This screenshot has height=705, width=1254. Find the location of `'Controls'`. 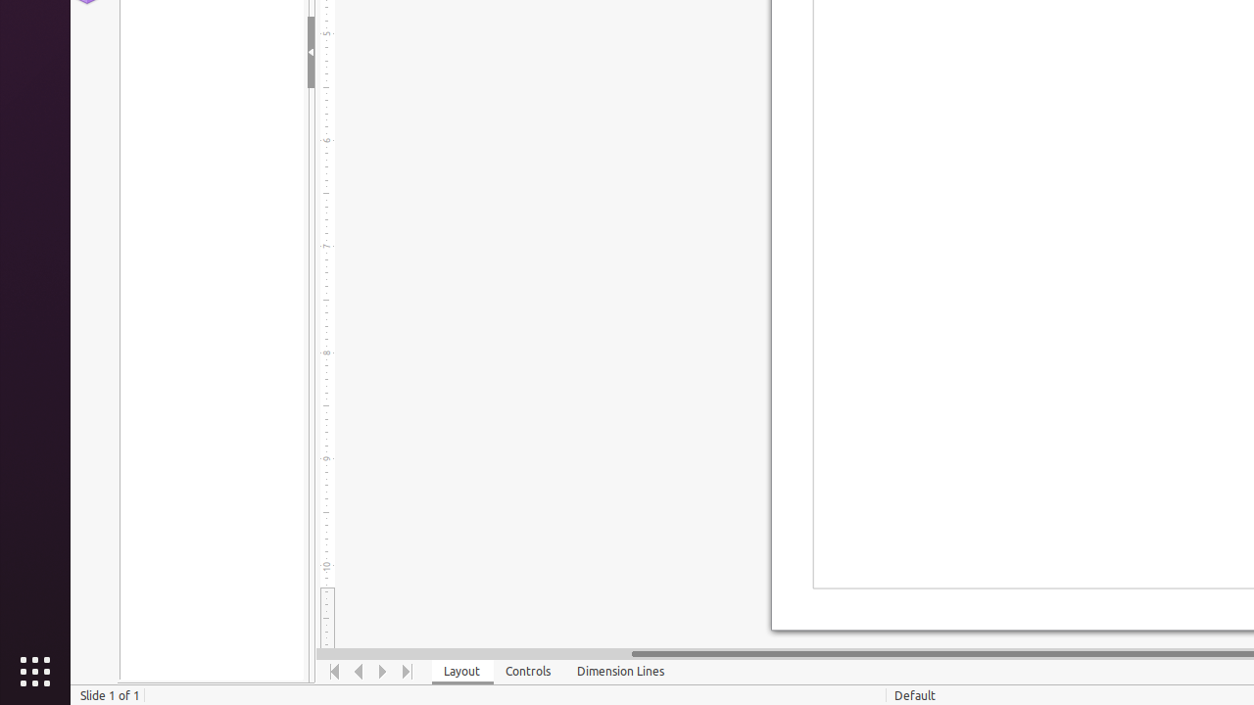

'Controls' is located at coordinates (529, 671).